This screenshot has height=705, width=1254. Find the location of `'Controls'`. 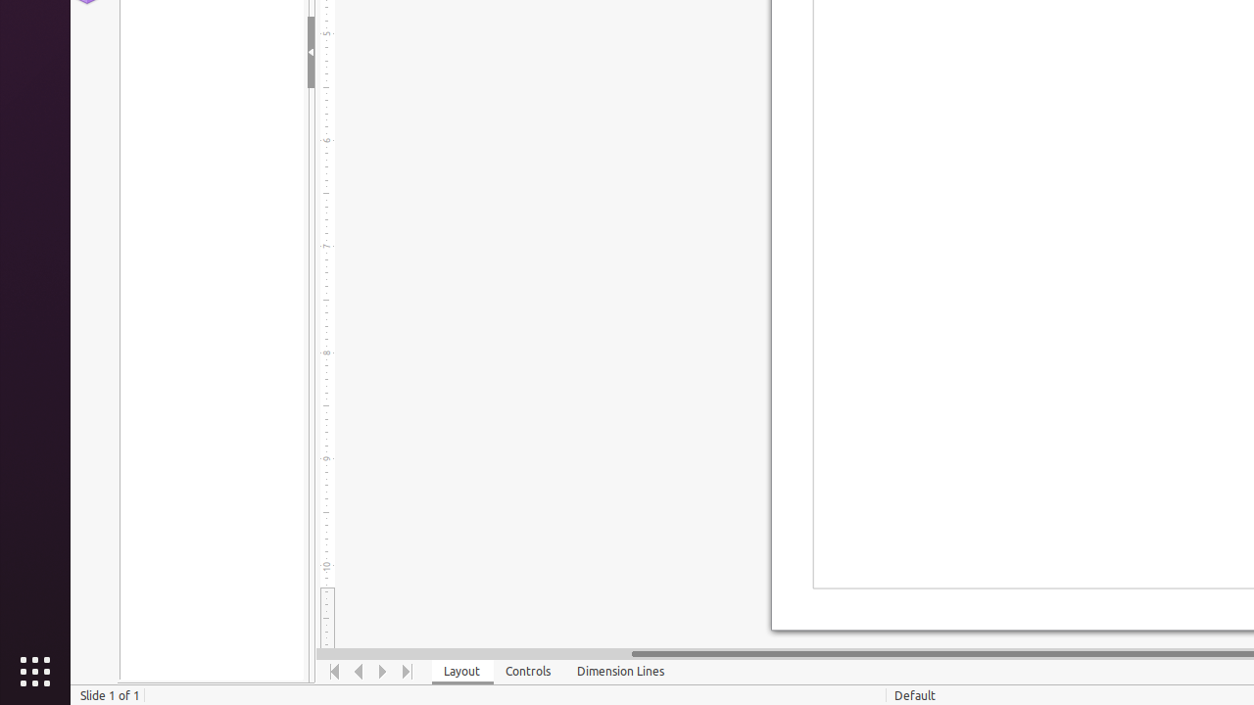

'Controls' is located at coordinates (529, 671).